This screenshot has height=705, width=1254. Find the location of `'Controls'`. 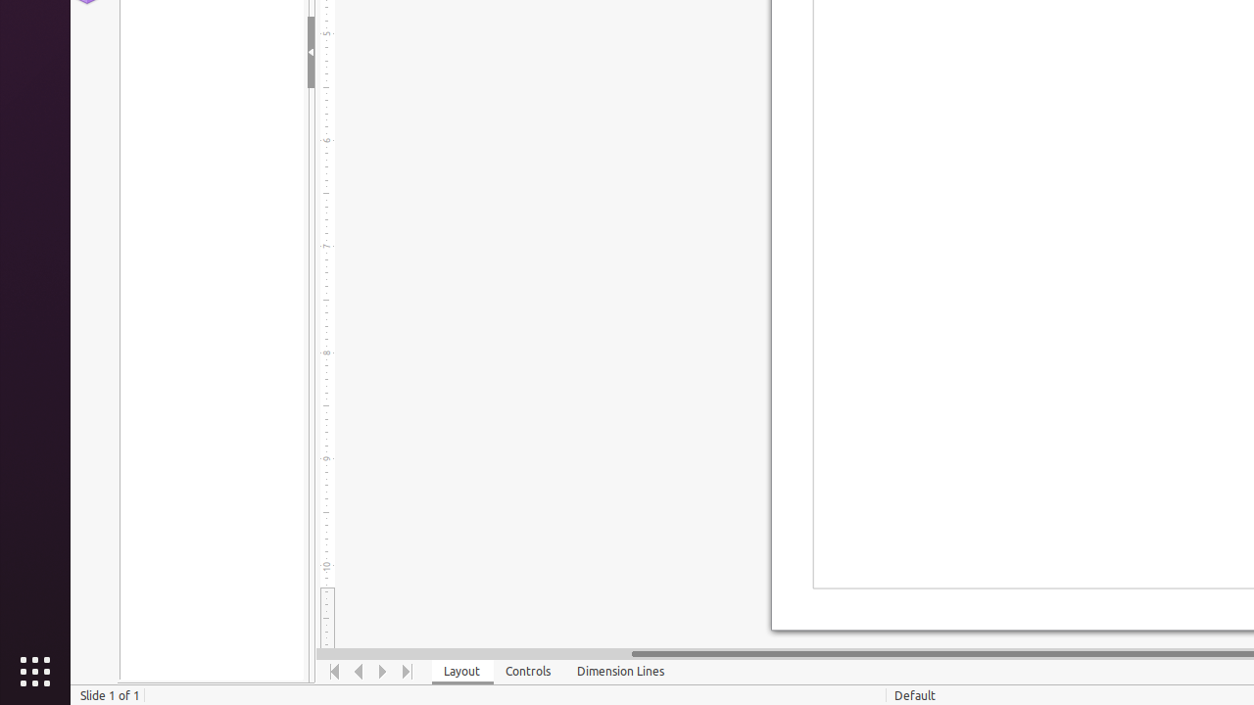

'Controls' is located at coordinates (529, 671).